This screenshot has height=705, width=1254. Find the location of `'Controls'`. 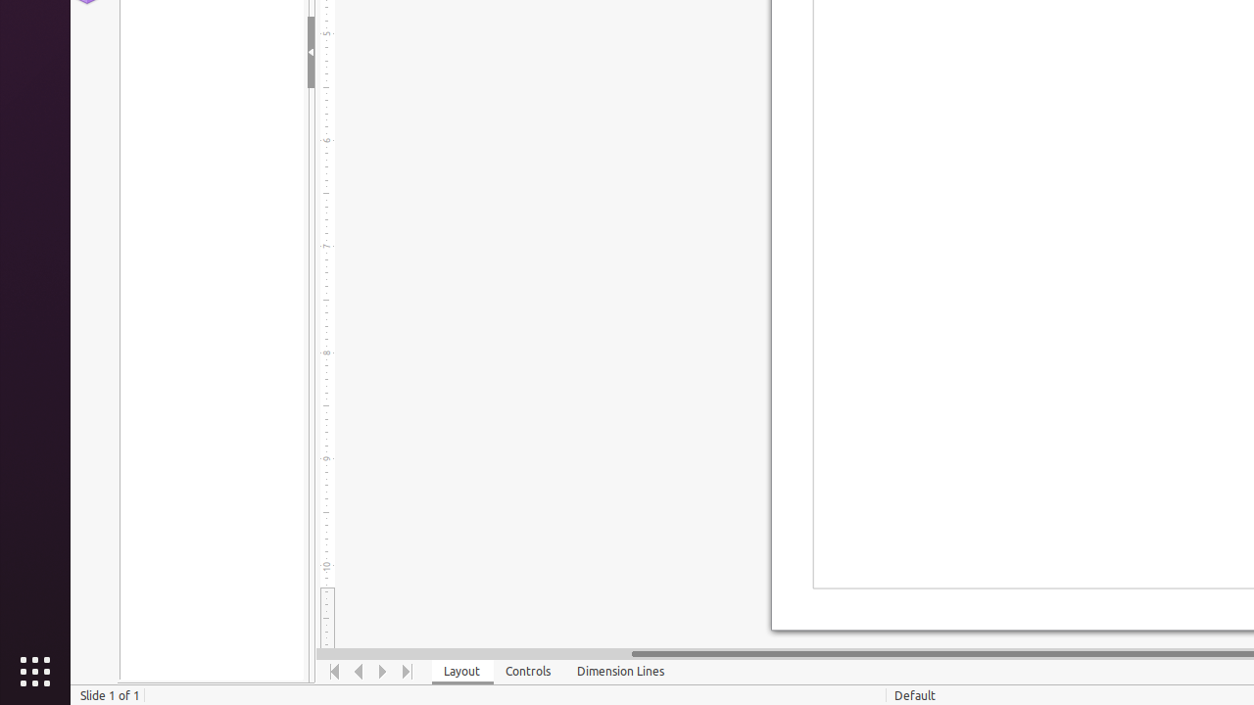

'Controls' is located at coordinates (529, 671).